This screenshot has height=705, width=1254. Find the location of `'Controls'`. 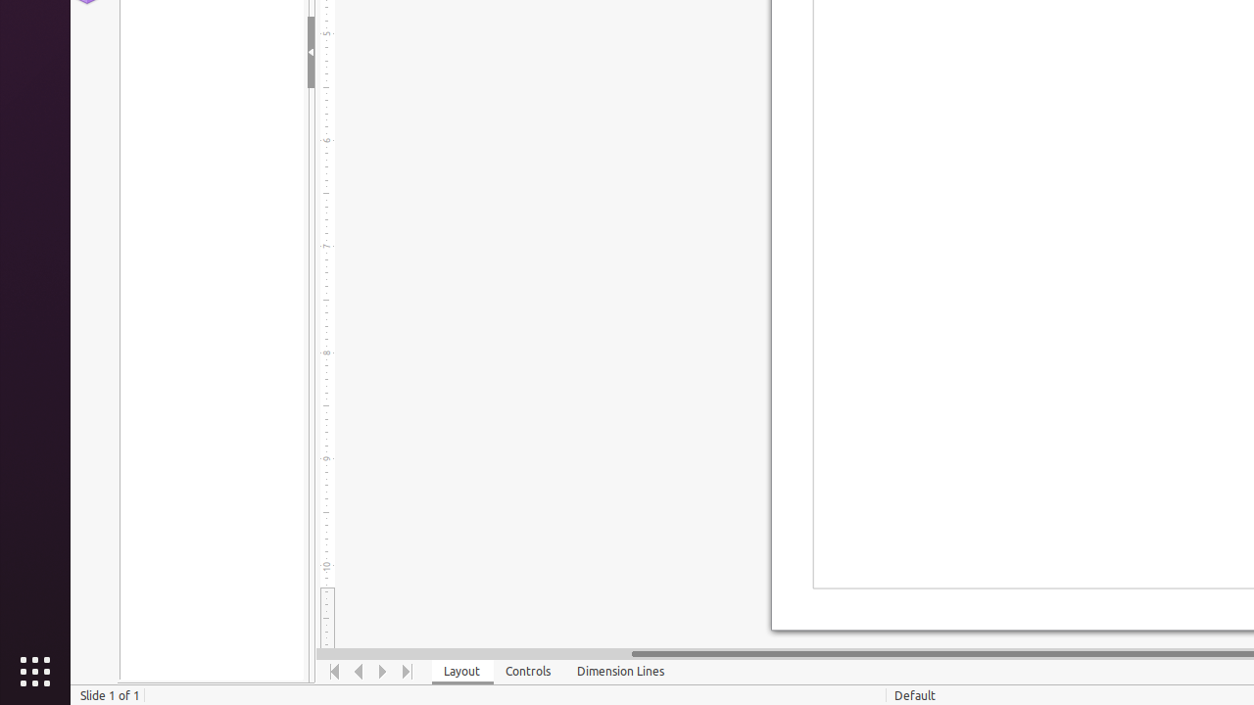

'Controls' is located at coordinates (529, 671).